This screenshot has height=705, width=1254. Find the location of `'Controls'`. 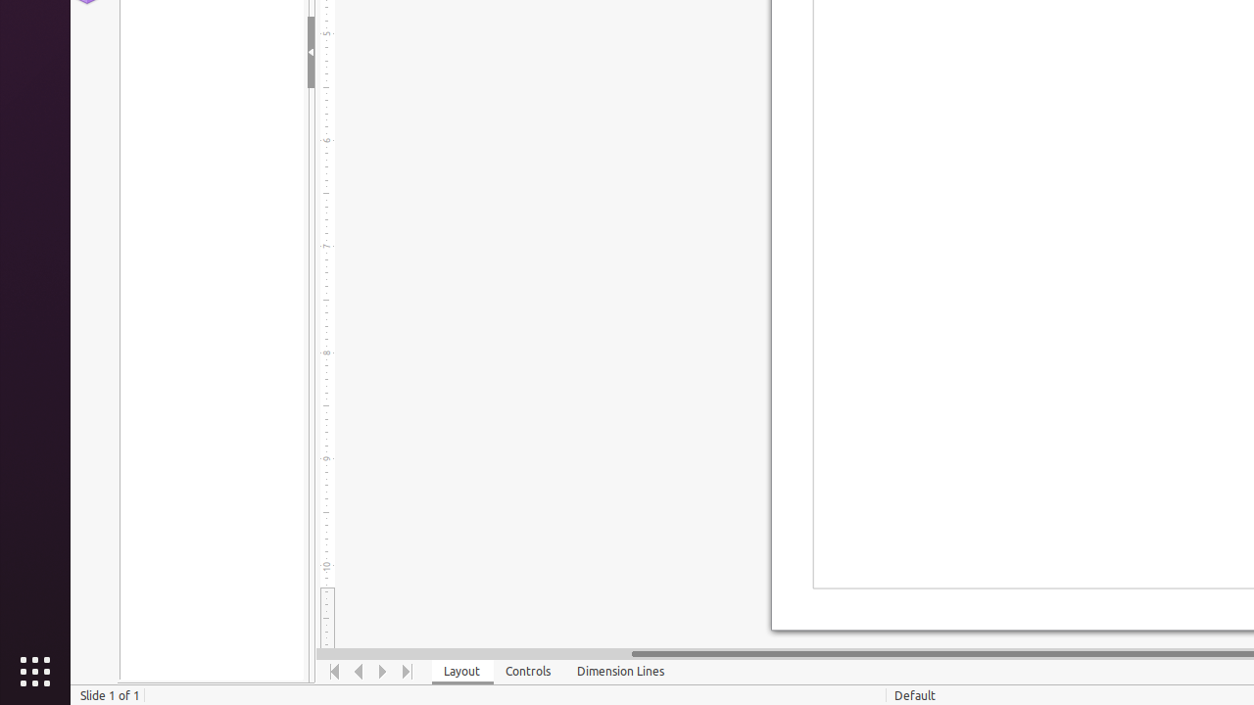

'Controls' is located at coordinates (529, 671).